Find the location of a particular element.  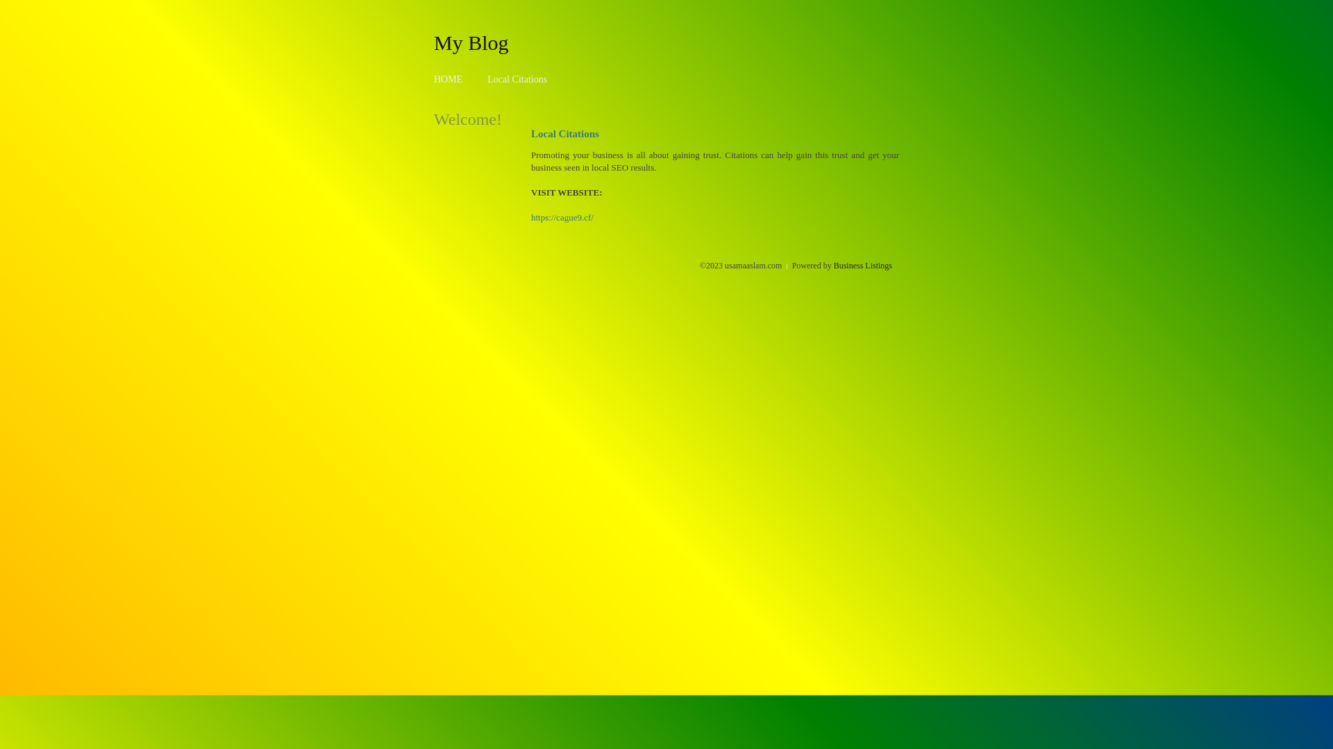

'https://cague9.cf/' is located at coordinates (562, 217).